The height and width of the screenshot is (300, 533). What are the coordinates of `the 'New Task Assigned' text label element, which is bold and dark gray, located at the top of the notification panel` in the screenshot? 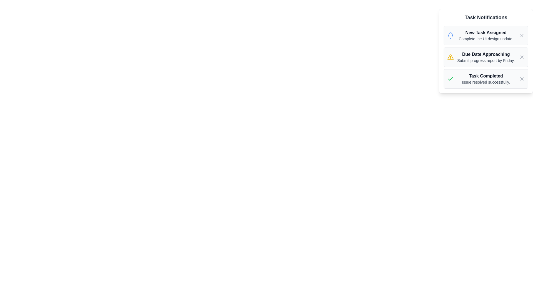 It's located at (486, 33).